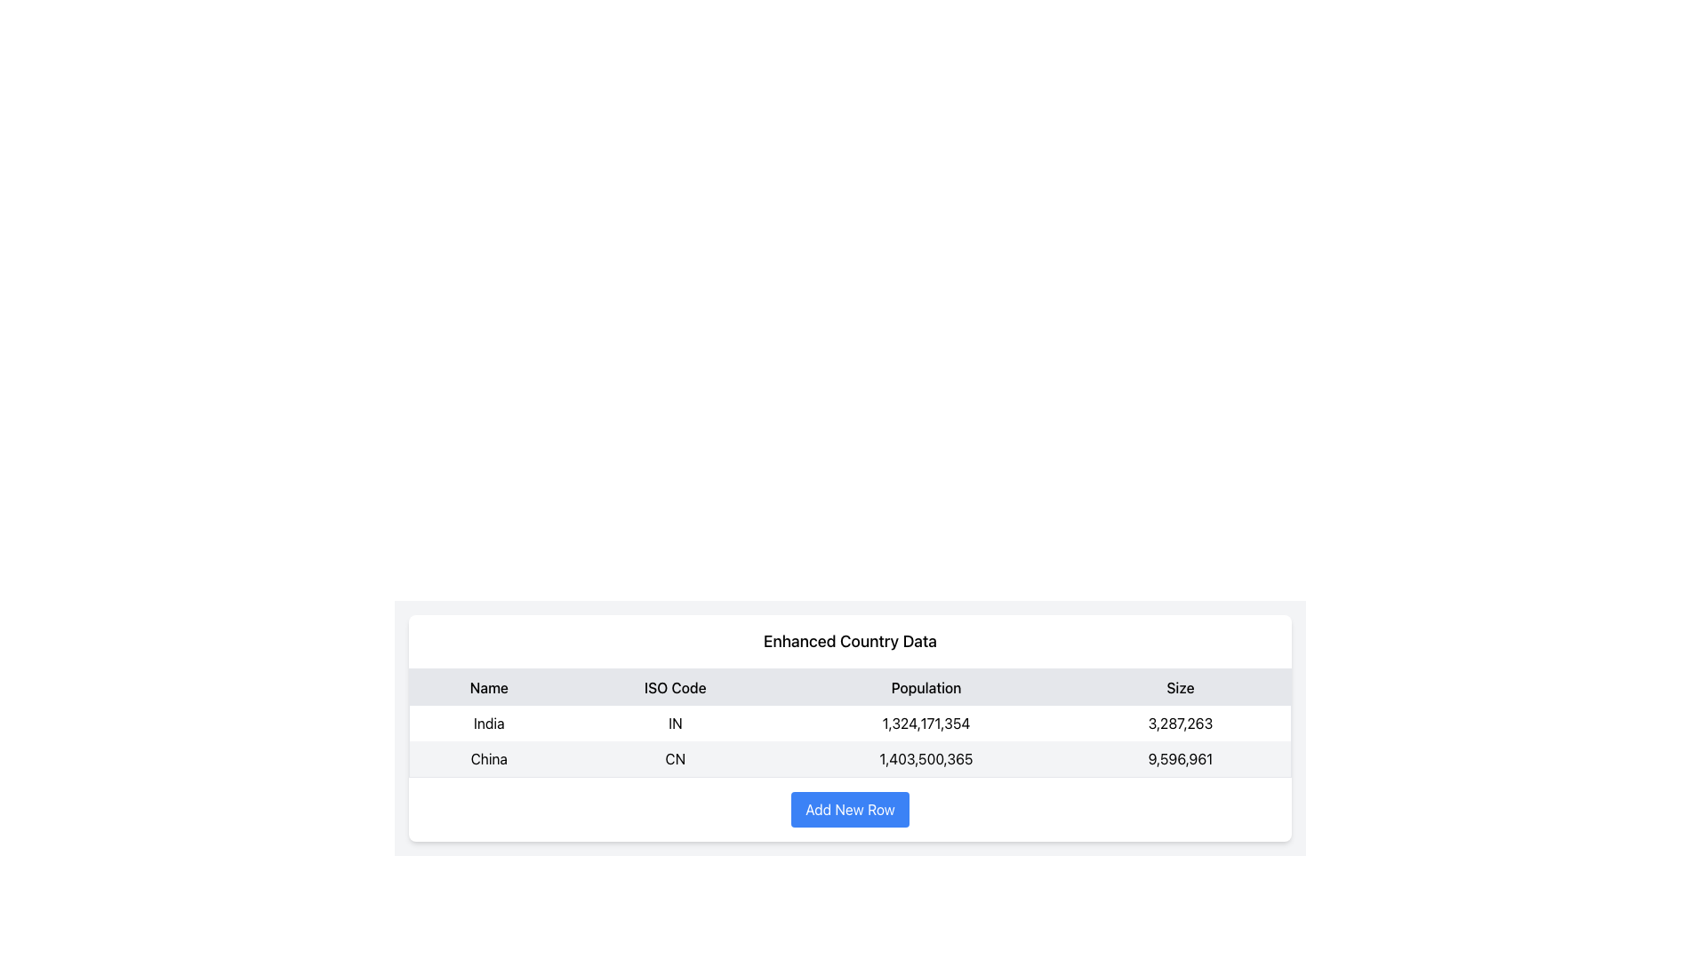 Image resolution: width=1707 pixels, height=960 pixels. Describe the element at coordinates (925, 723) in the screenshot. I see `the text label displaying the population number '1,324,171,354' for India in the Population column of the table` at that location.